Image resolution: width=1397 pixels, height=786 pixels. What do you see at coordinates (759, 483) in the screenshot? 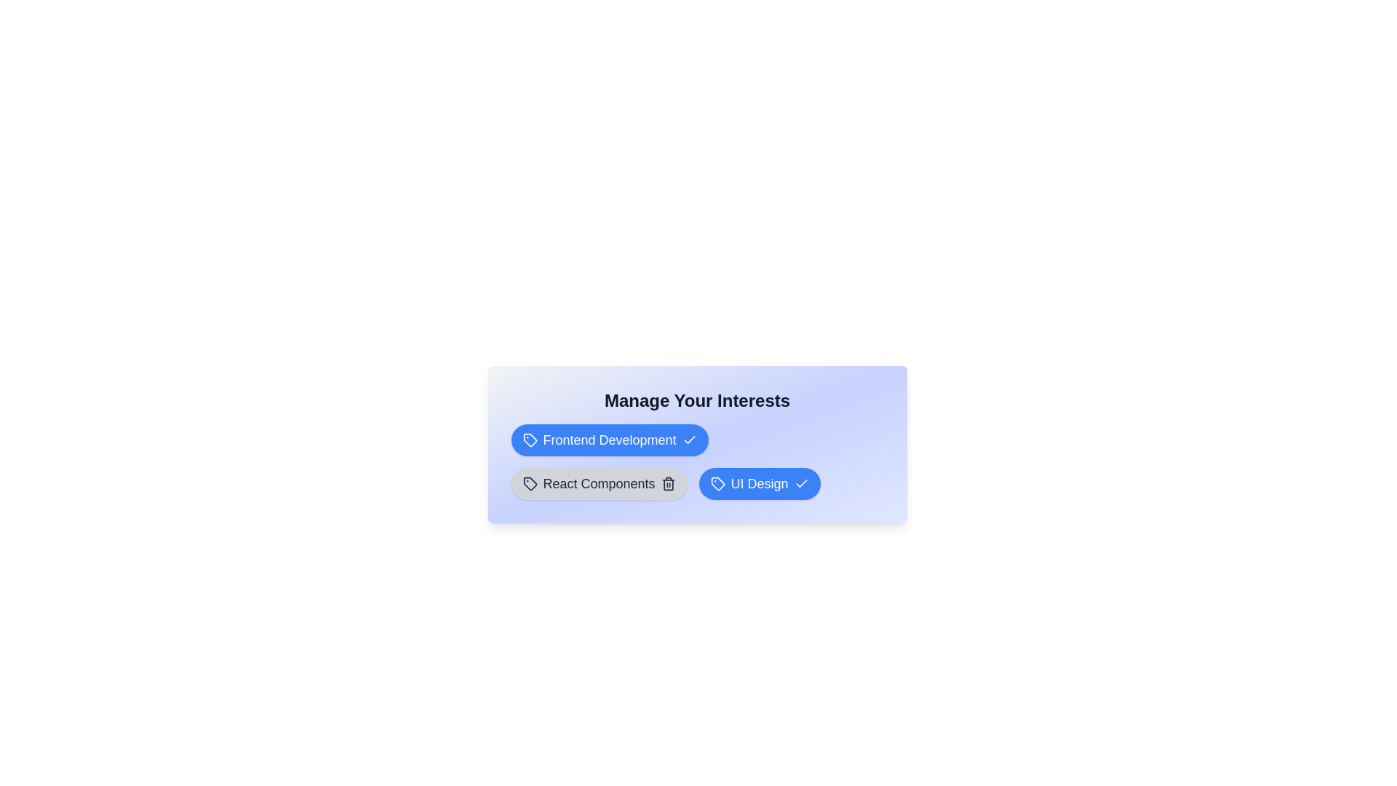
I see `the tag labeled 'UI Design'` at bounding box center [759, 483].